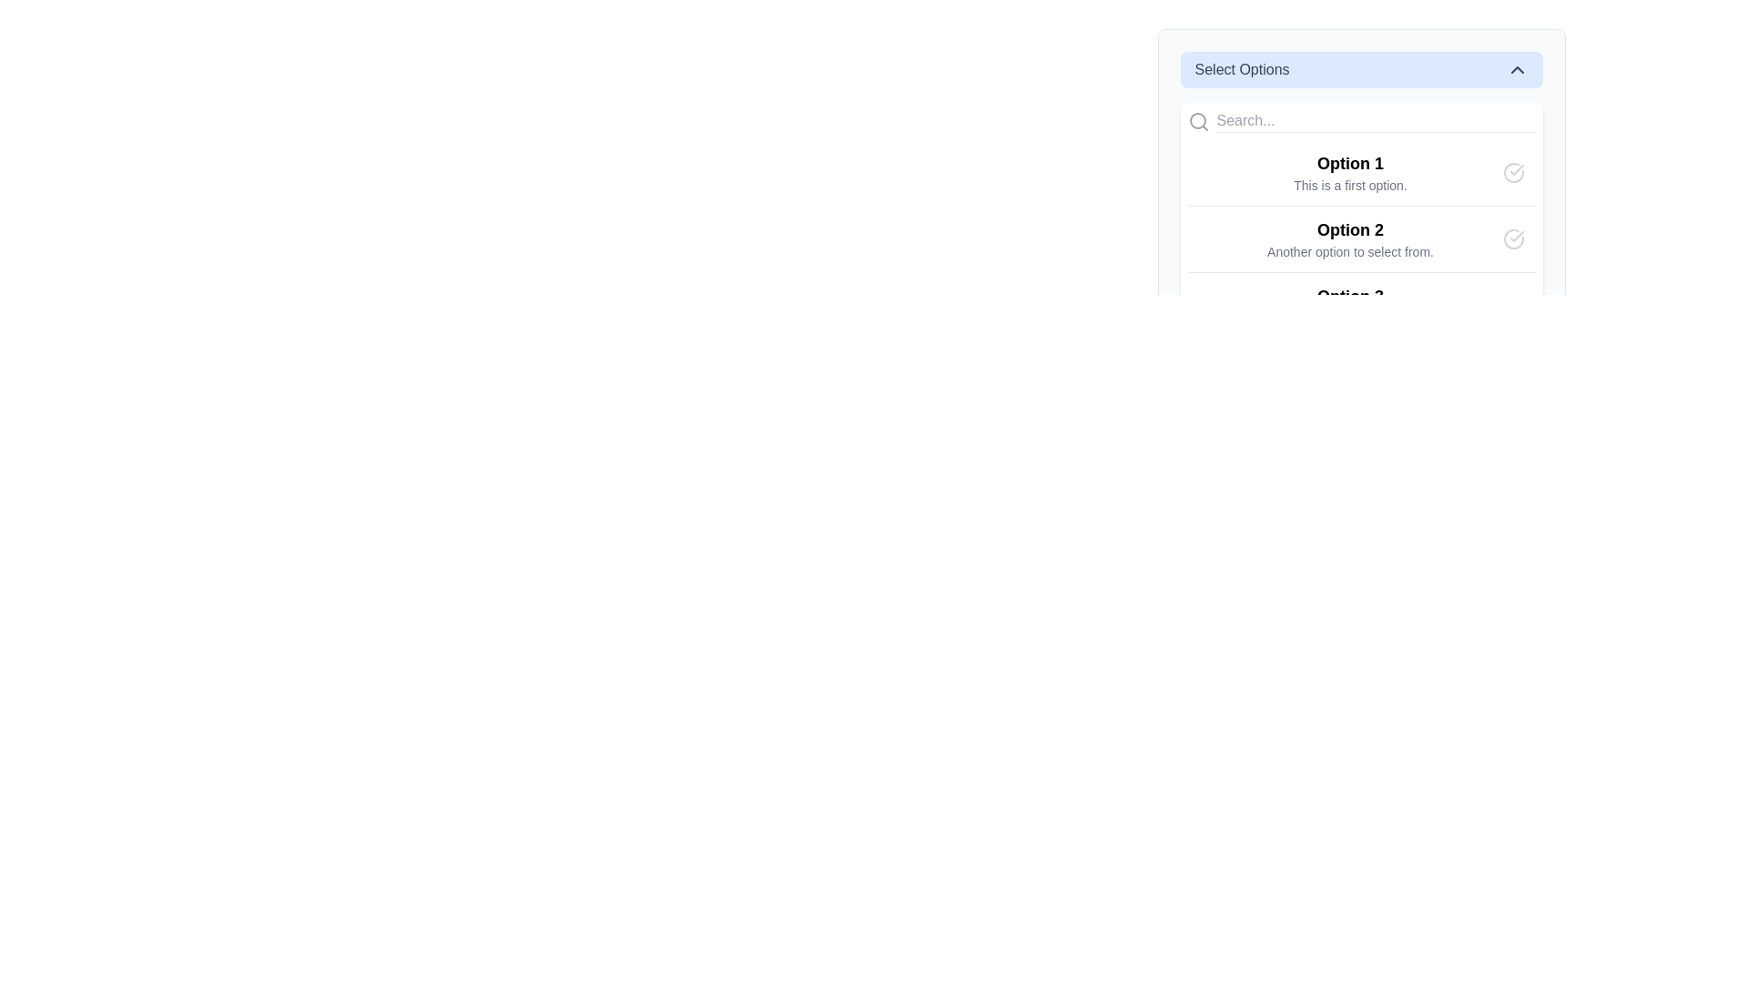 This screenshot has width=1748, height=983. Describe the element at coordinates (1513, 172) in the screenshot. I see `the status icon indicating the selection for 'Option 1', located at the far right edge of its corresponding item in the interactive list` at that location.